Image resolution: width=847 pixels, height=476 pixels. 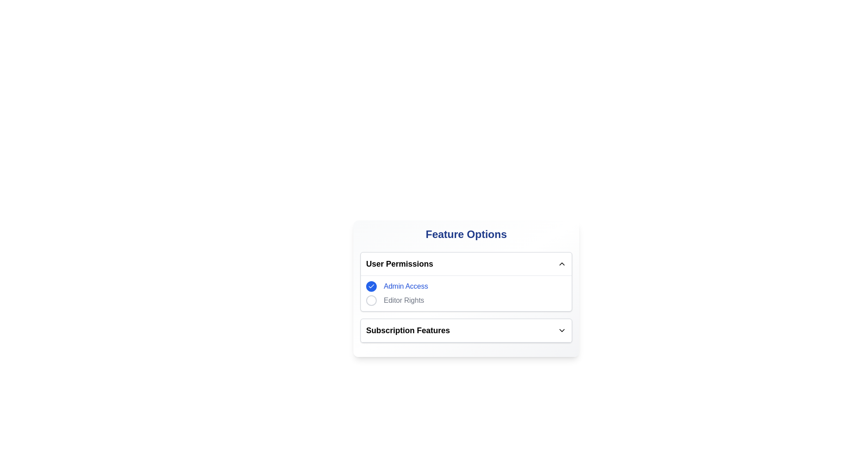 I want to click on the 'Admin Access' icon within the user permissions section to trigger additional effects, so click(x=371, y=286).